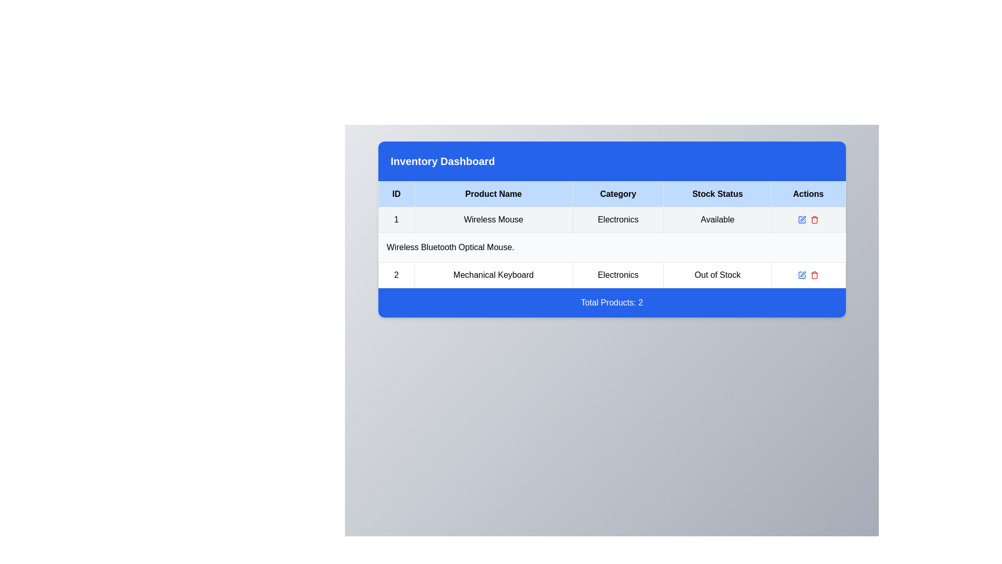 Image resolution: width=1002 pixels, height=564 pixels. Describe the element at coordinates (618, 194) in the screenshot. I see `the Table Header Cell labeled 'Category', which is the third column in the header row of the table, to interact with it` at that location.